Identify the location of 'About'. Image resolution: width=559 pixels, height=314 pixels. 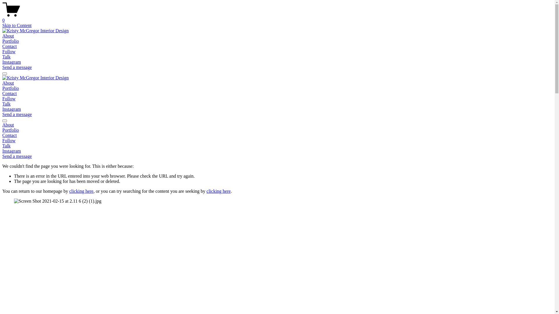
(8, 36).